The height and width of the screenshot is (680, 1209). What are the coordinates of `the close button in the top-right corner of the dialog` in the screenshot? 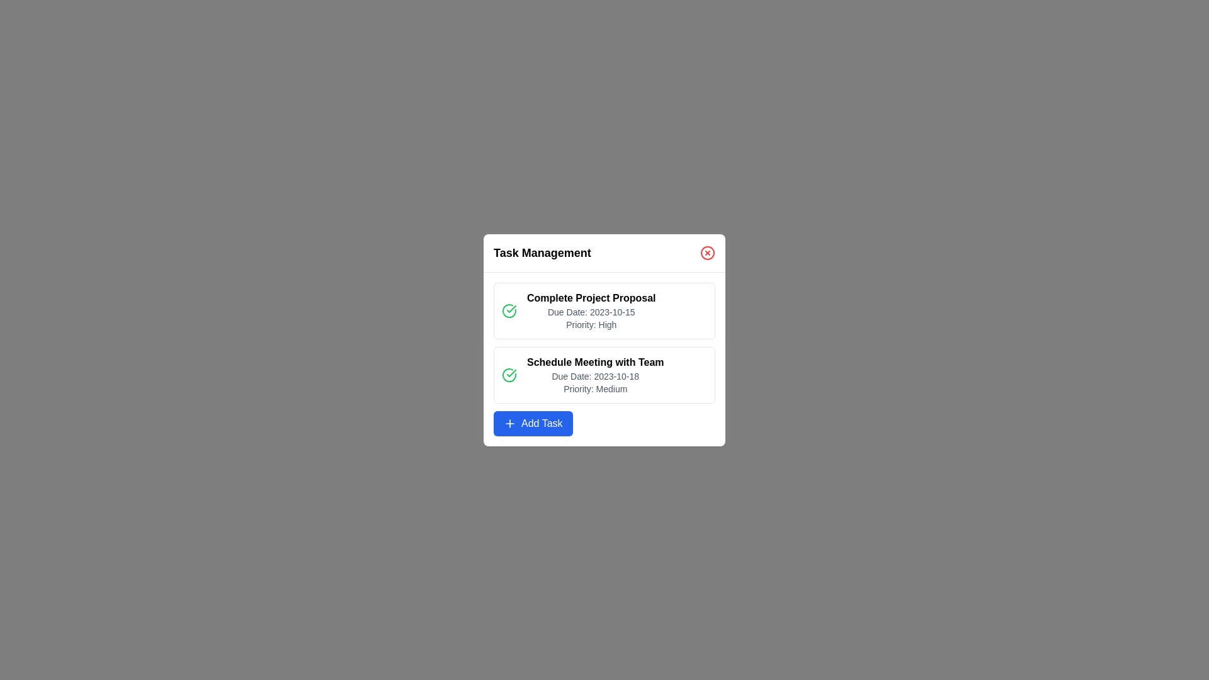 It's located at (707, 252).